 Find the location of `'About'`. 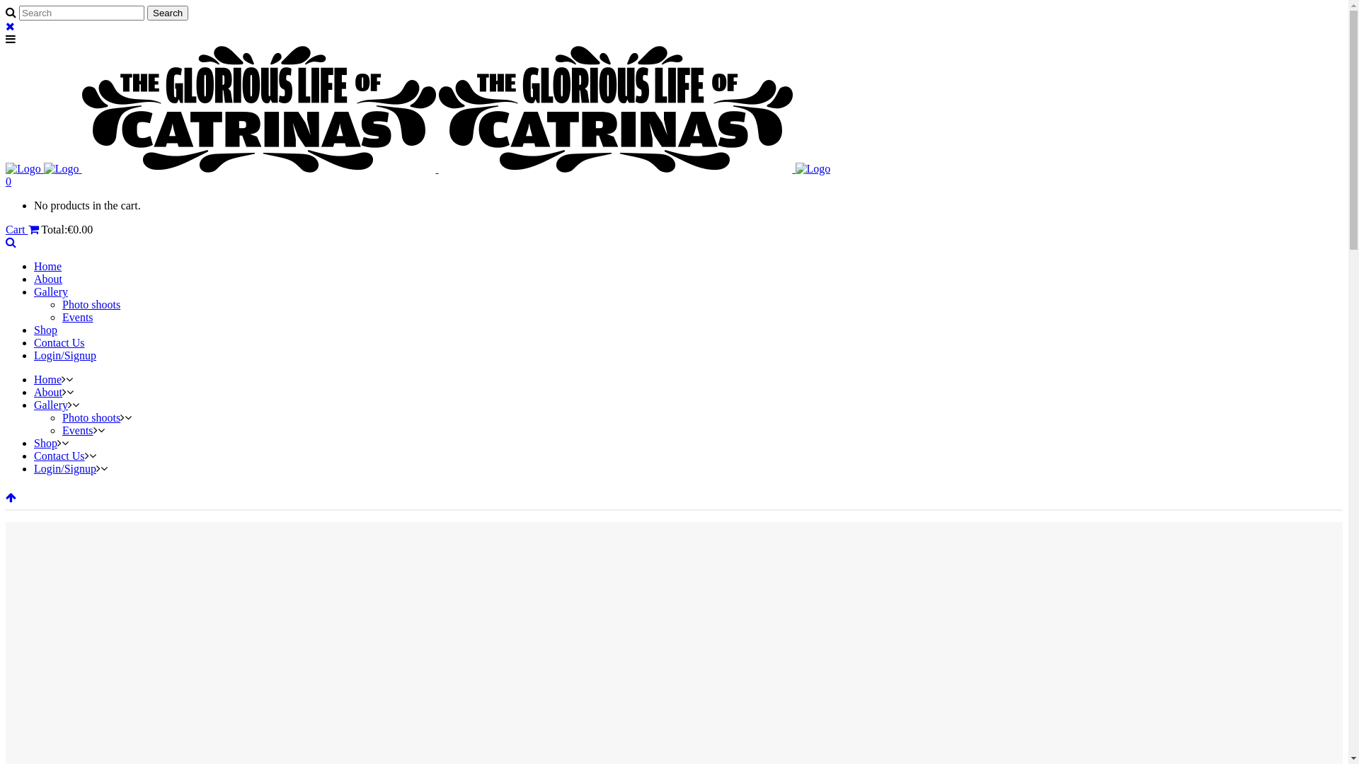

'About' is located at coordinates (47, 279).